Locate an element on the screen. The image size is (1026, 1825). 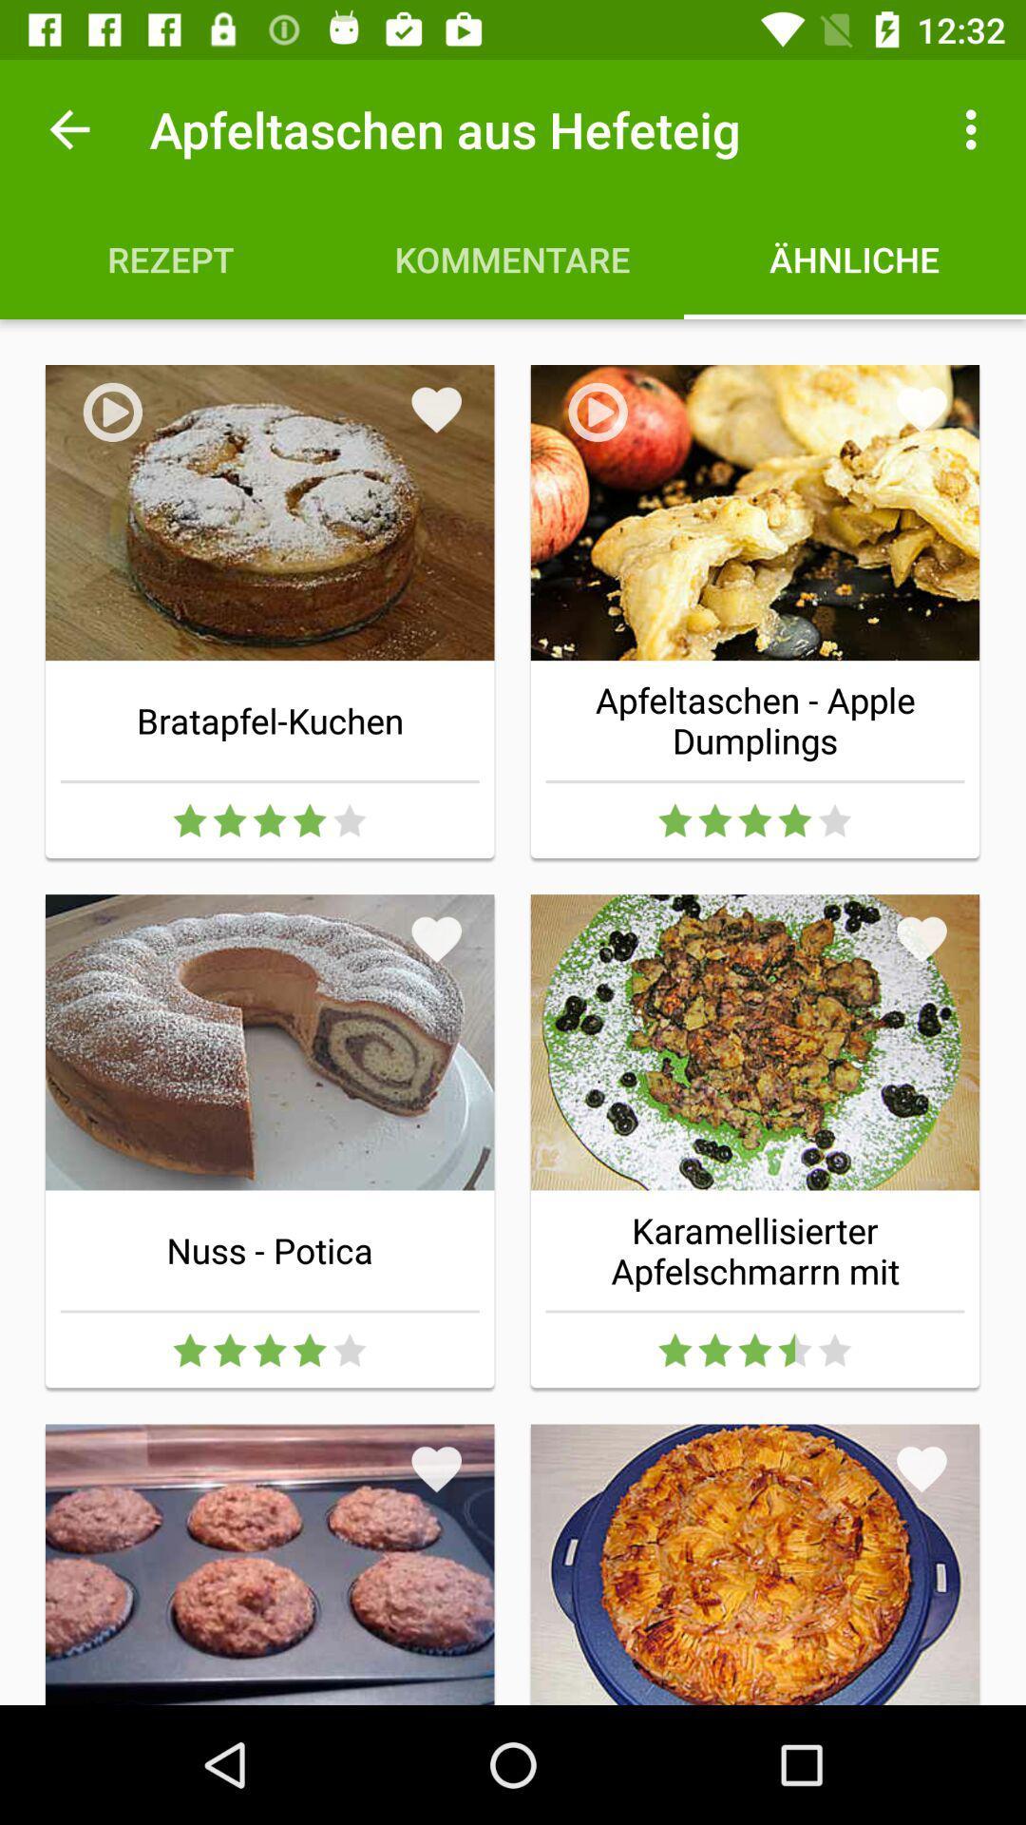
the item below the kommentare icon is located at coordinates (436, 409).